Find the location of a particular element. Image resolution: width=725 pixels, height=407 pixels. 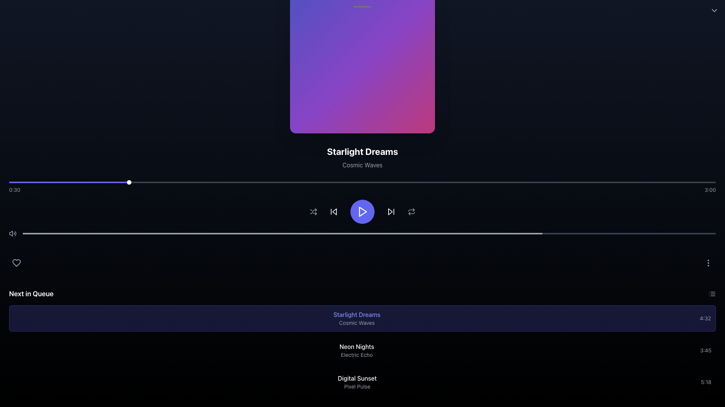

the playback progress is located at coordinates (78, 233).